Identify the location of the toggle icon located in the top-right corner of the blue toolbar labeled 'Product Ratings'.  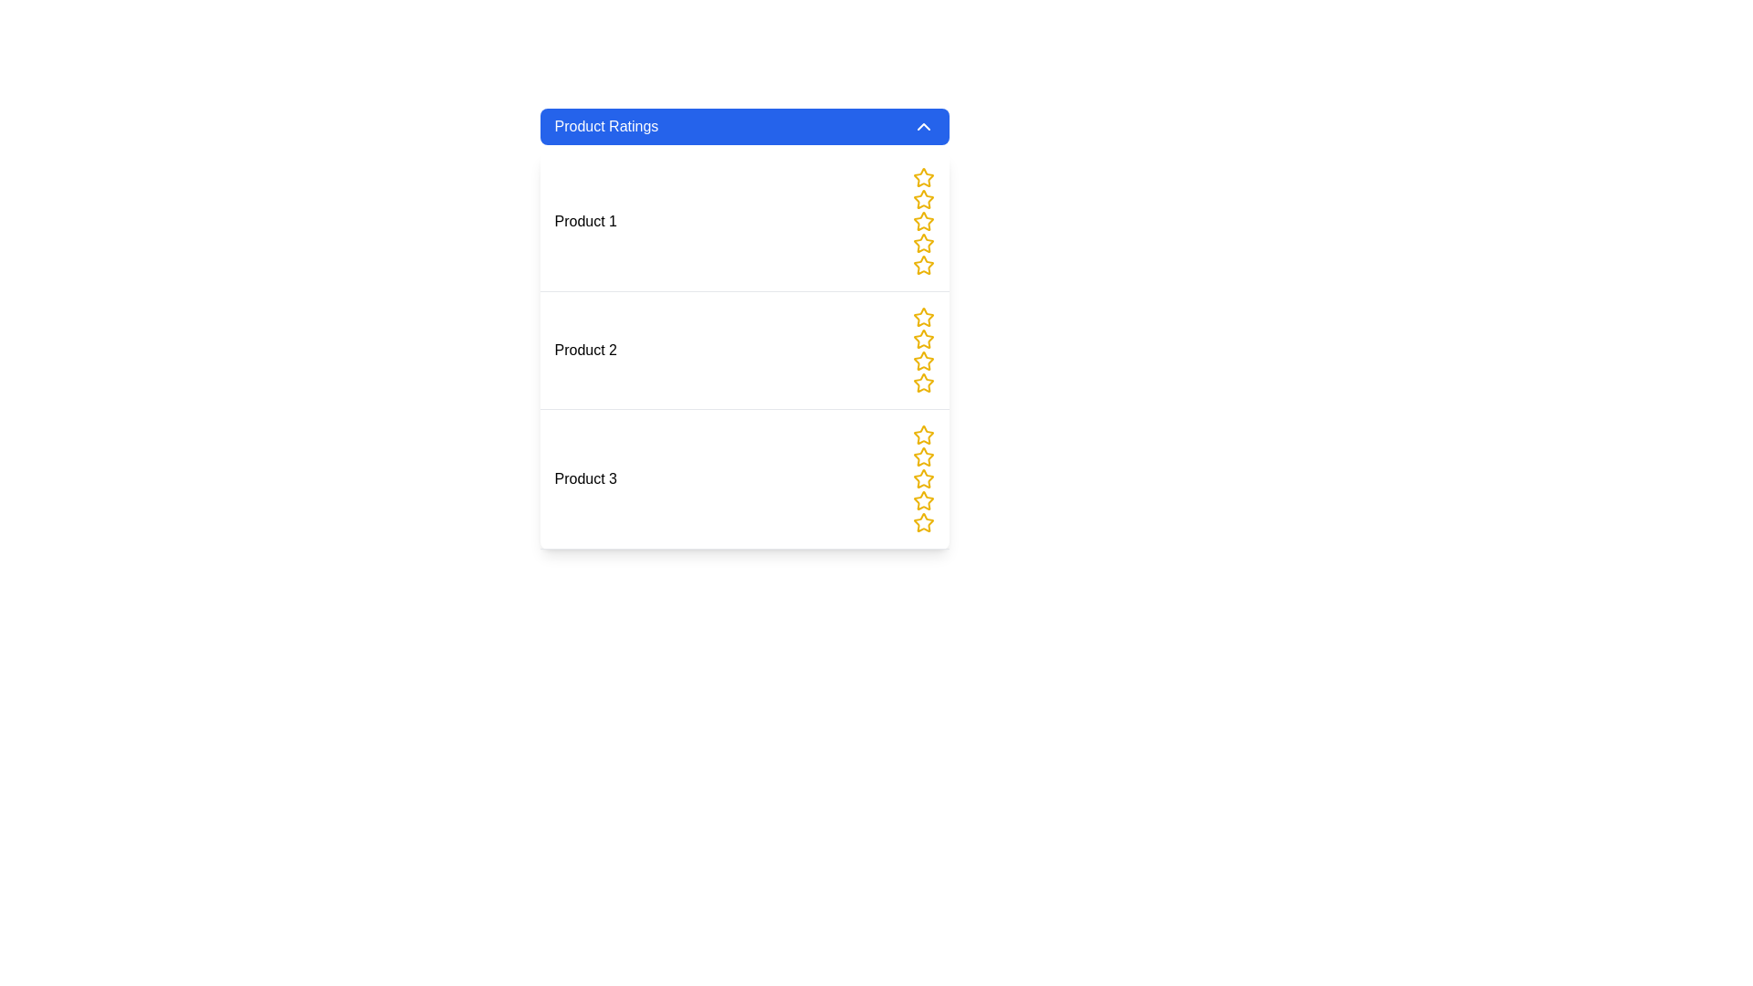
(923, 125).